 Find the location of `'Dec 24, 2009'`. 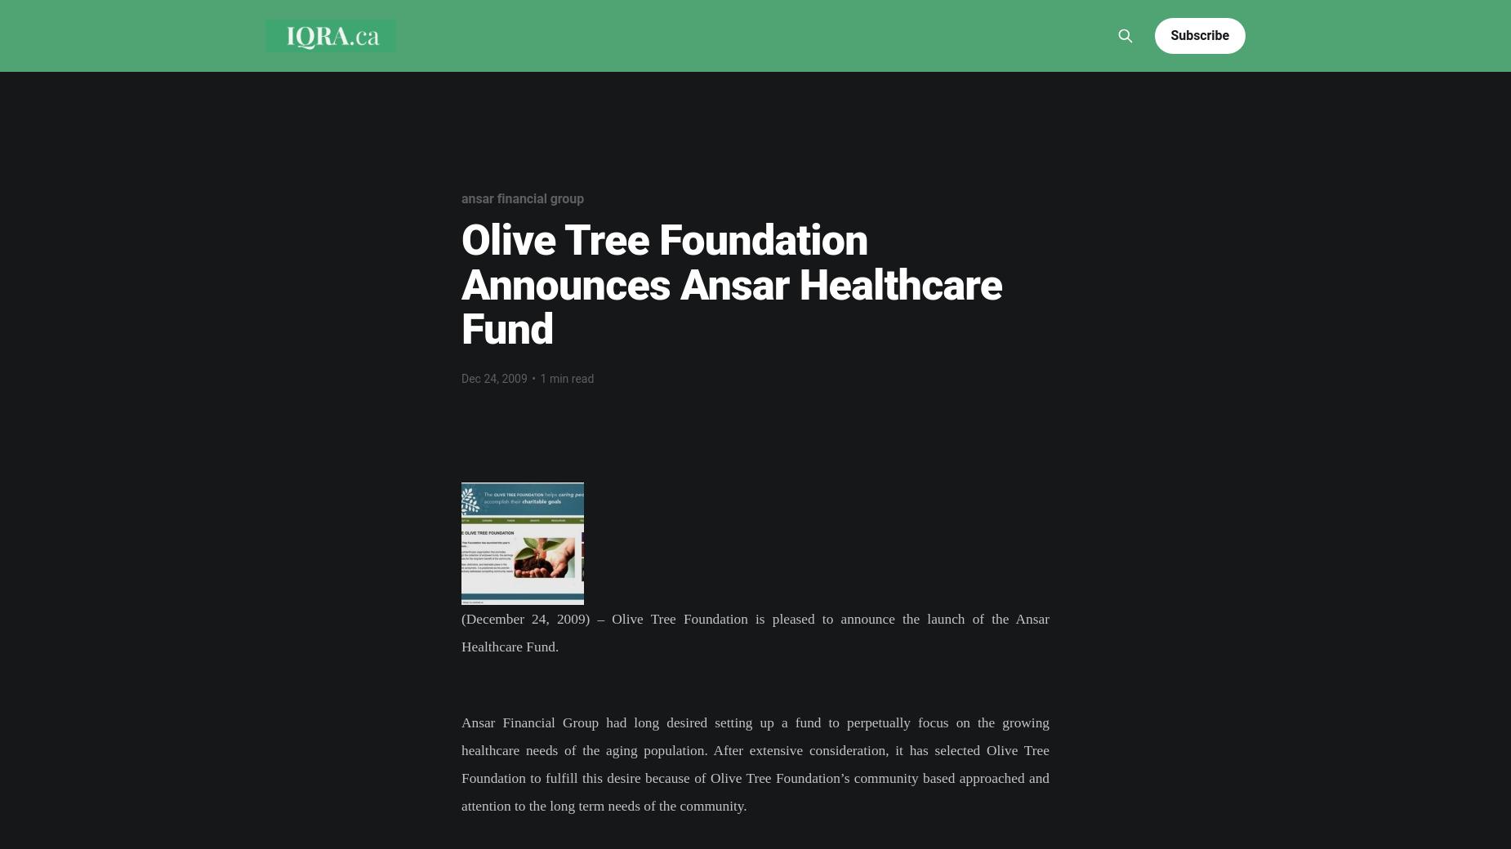

'Dec 24, 2009' is located at coordinates (493, 378).